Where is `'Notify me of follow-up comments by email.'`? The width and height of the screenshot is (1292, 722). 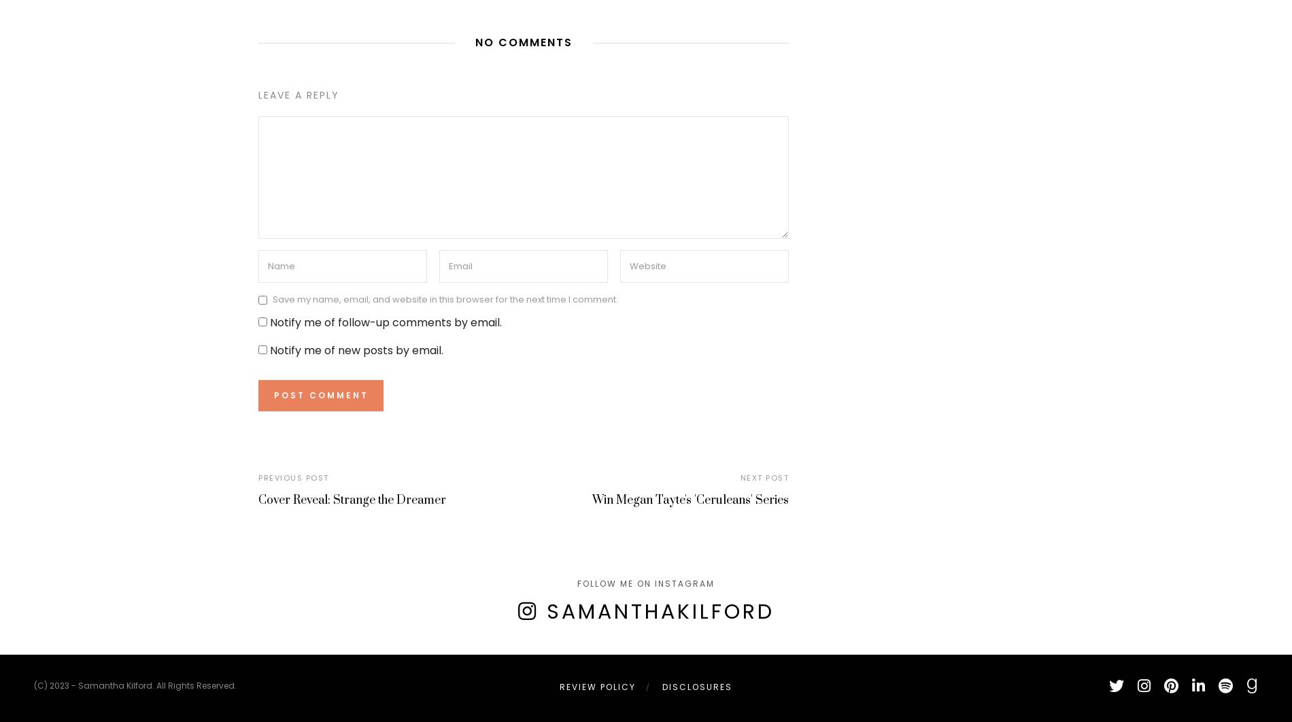
'Notify me of follow-up comments by email.' is located at coordinates (386, 321).